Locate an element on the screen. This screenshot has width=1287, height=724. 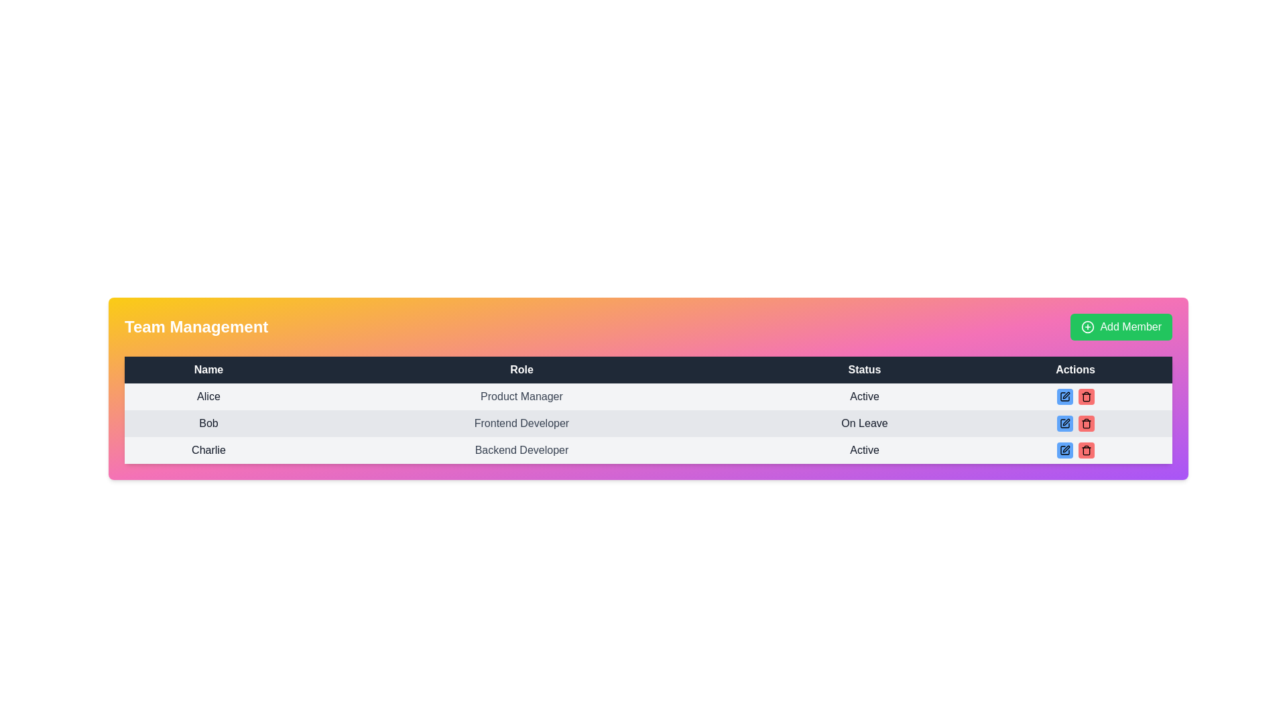
the static text label header displaying 'Role', which is the second column header in the table located between 'Name' and 'Status' is located at coordinates (521, 369).